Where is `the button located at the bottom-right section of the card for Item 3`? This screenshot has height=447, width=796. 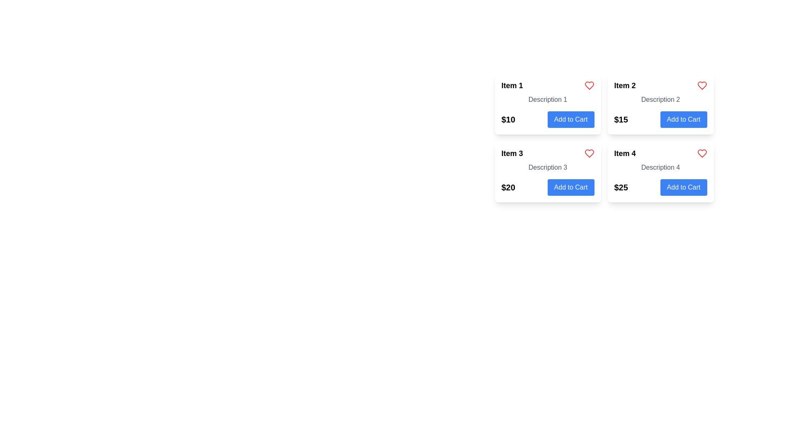 the button located at the bottom-right section of the card for Item 3 is located at coordinates (570, 187).